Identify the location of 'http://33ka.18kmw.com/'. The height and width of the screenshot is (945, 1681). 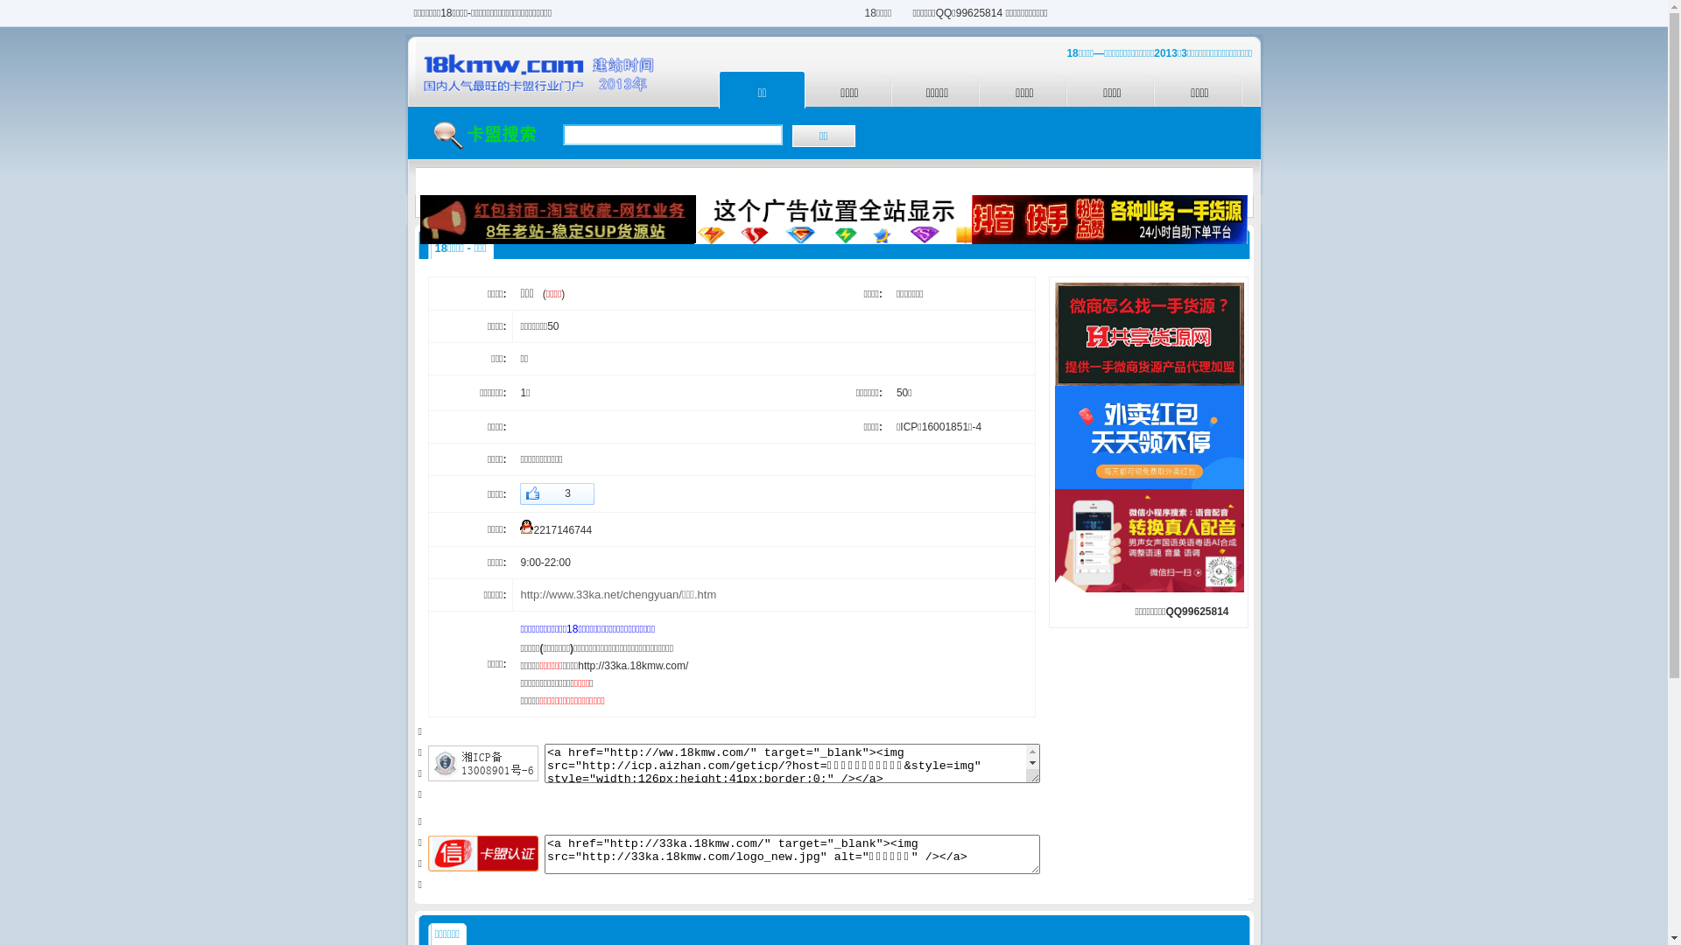
(632, 665).